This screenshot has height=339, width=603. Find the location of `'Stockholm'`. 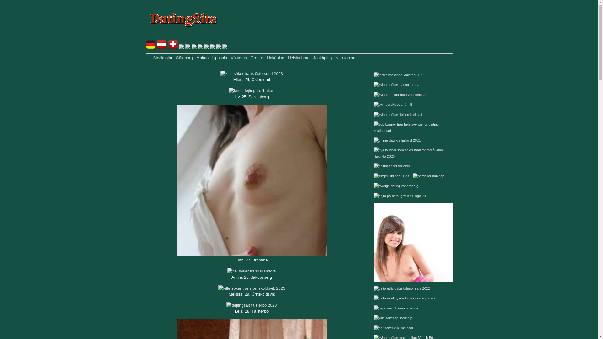

'Stockholm' is located at coordinates (163, 58).